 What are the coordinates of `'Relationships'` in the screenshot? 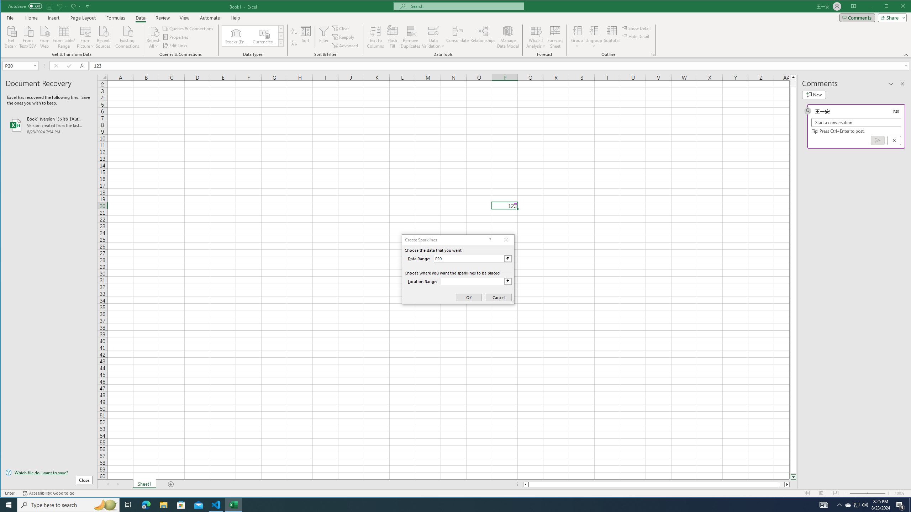 It's located at (483, 37).